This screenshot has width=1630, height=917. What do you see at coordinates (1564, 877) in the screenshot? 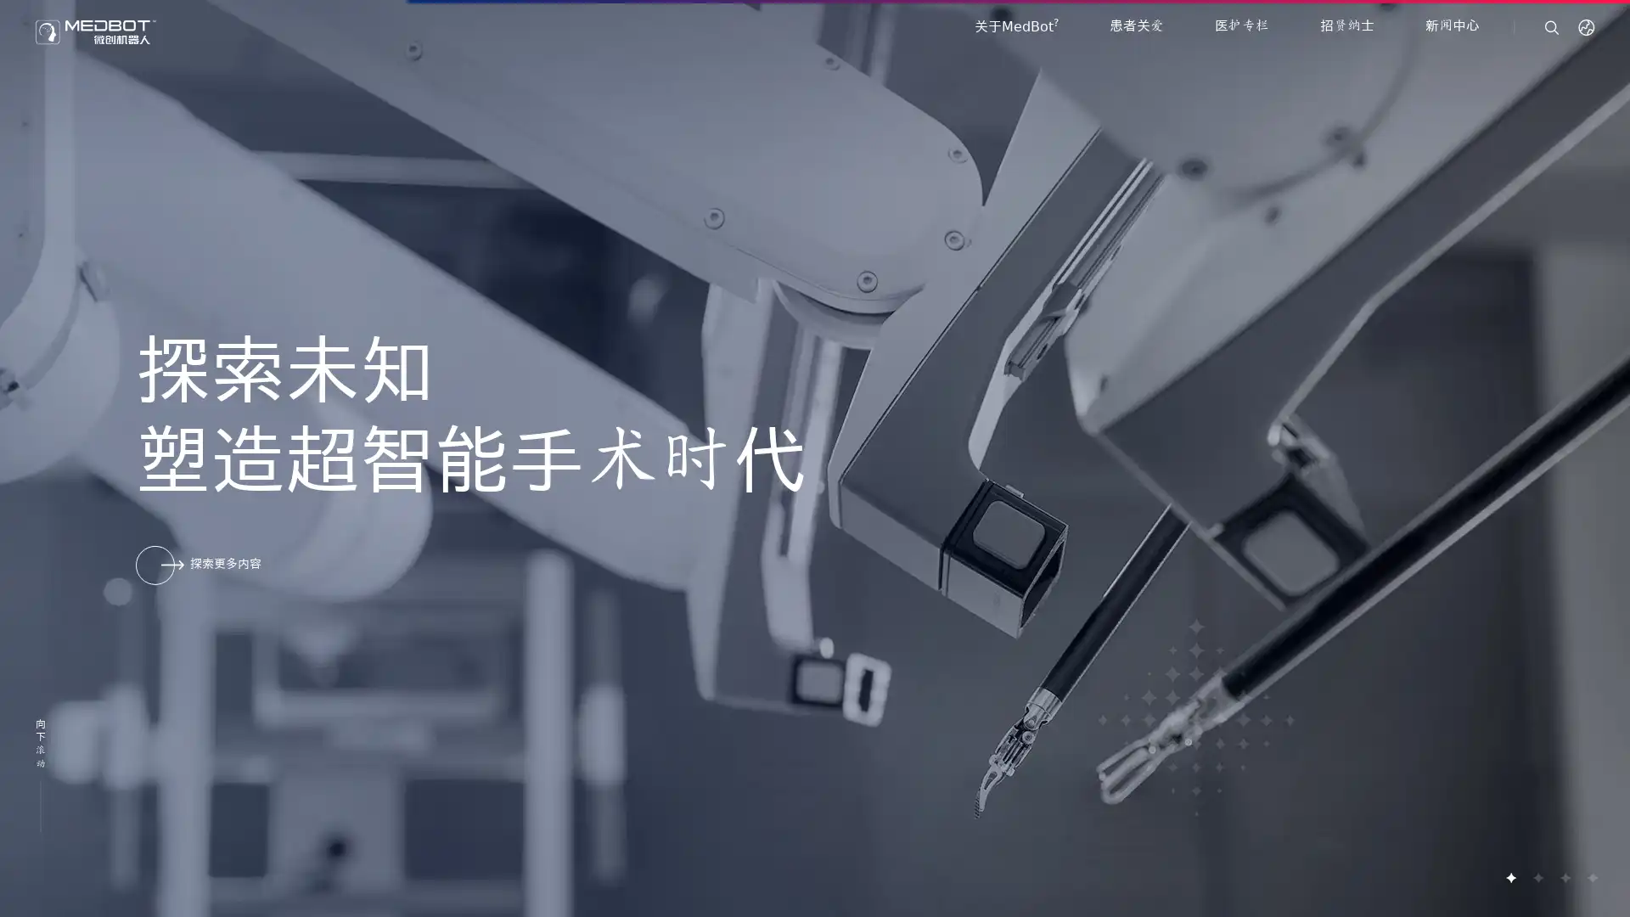
I see `Go to slide 3` at bounding box center [1564, 877].